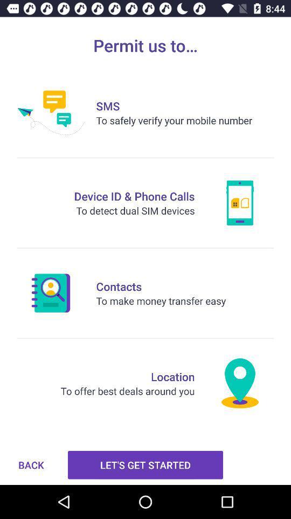 The image size is (291, 519). What do you see at coordinates (31, 464) in the screenshot?
I see `the back icon` at bounding box center [31, 464].